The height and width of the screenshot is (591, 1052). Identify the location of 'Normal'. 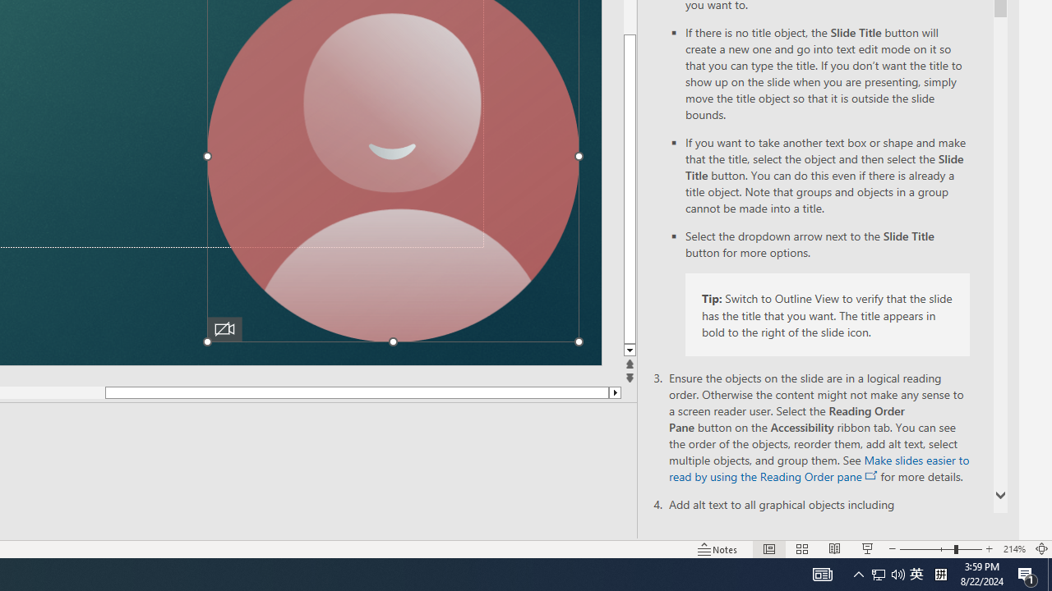
(768, 549).